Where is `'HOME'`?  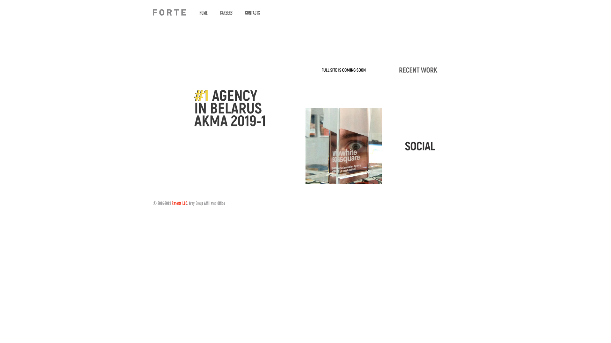
'HOME' is located at coordinates (203, 12).